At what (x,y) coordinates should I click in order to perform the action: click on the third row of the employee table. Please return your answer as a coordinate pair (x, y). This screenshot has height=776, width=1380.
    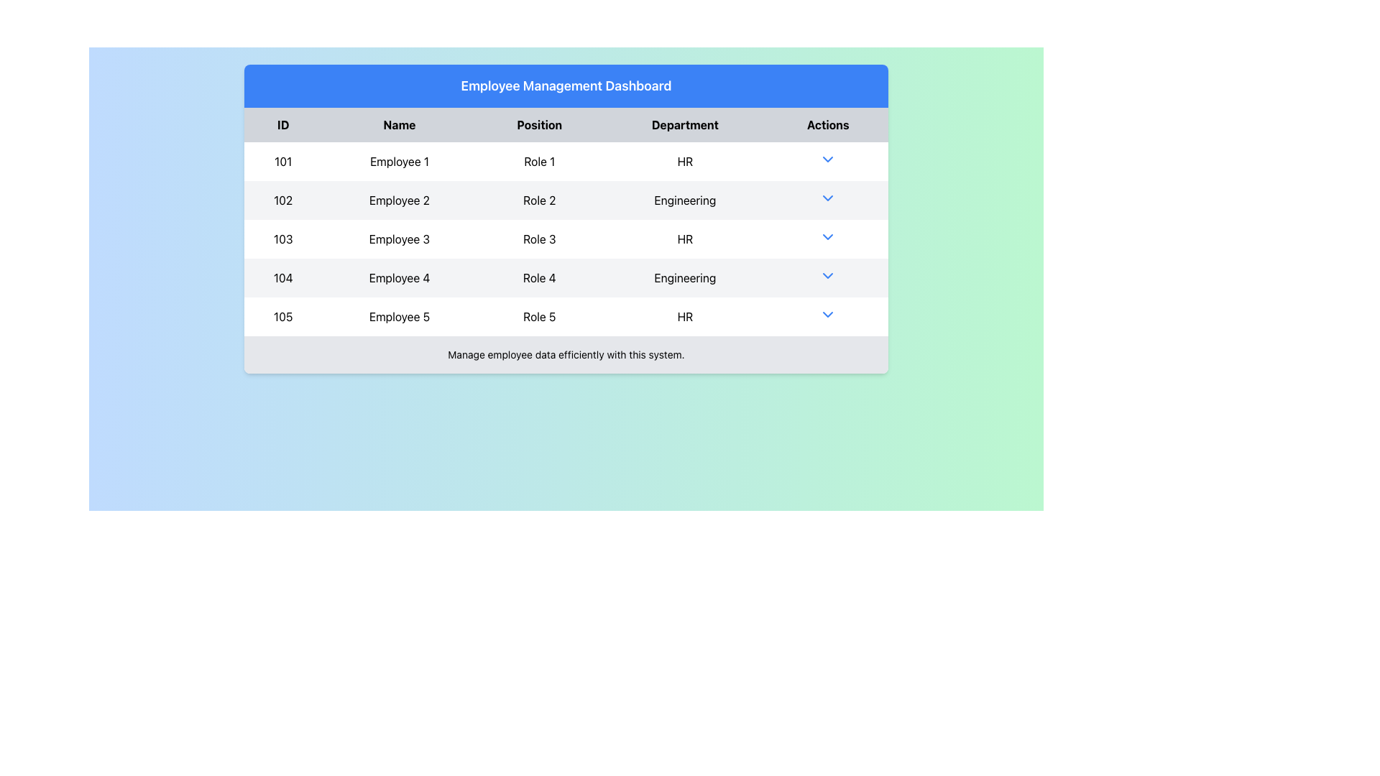
    Looking at the image, I should click on (565, 238).